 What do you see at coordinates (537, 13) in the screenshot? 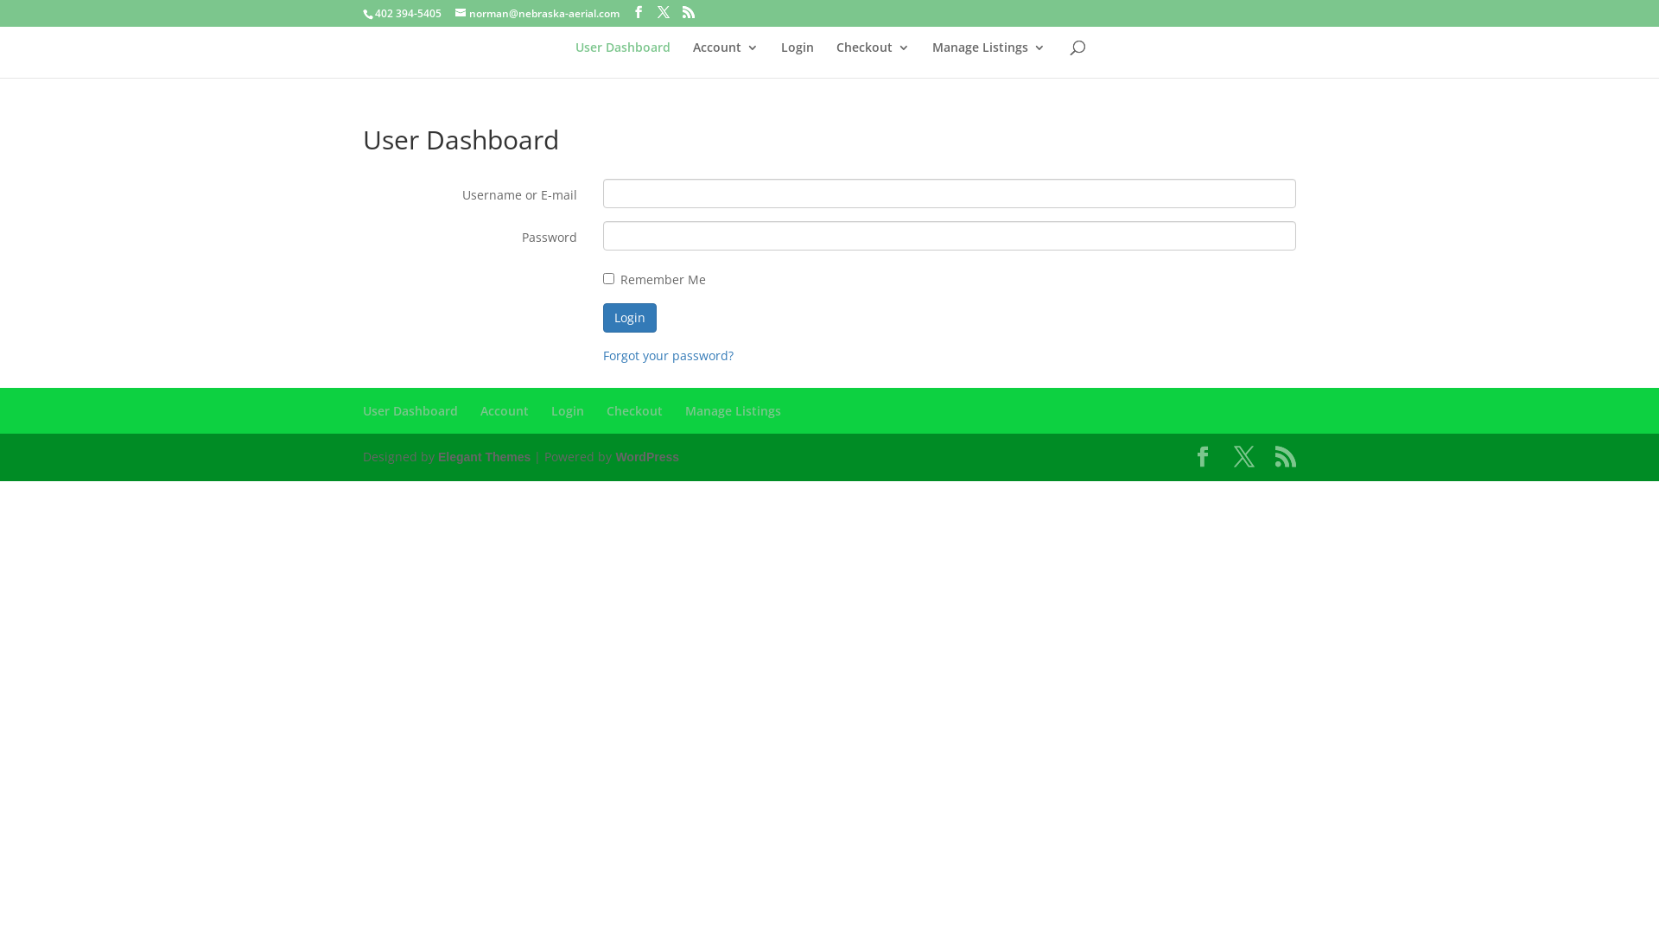
I see `'norman@nebraska-aerial.com'` at bounding box center [537, 13].